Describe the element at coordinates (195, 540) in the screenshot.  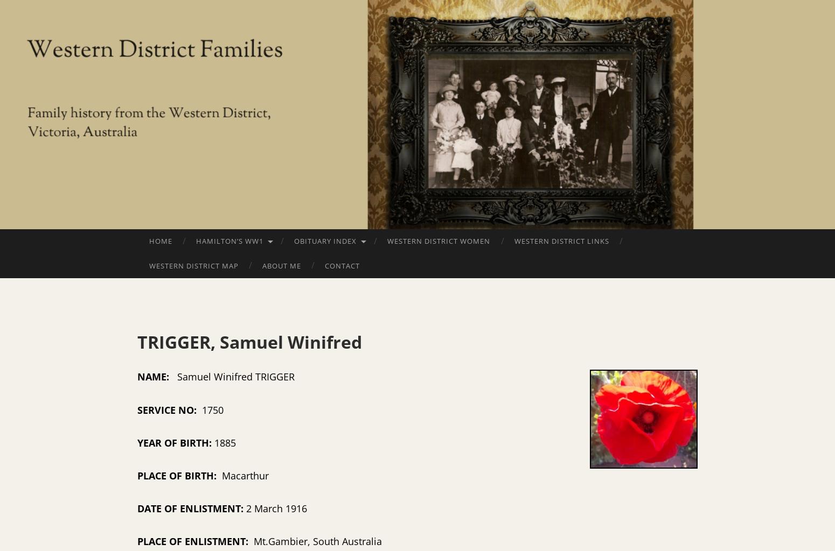
I see `'PLACE OF ENLISTMENT:'` at that location.